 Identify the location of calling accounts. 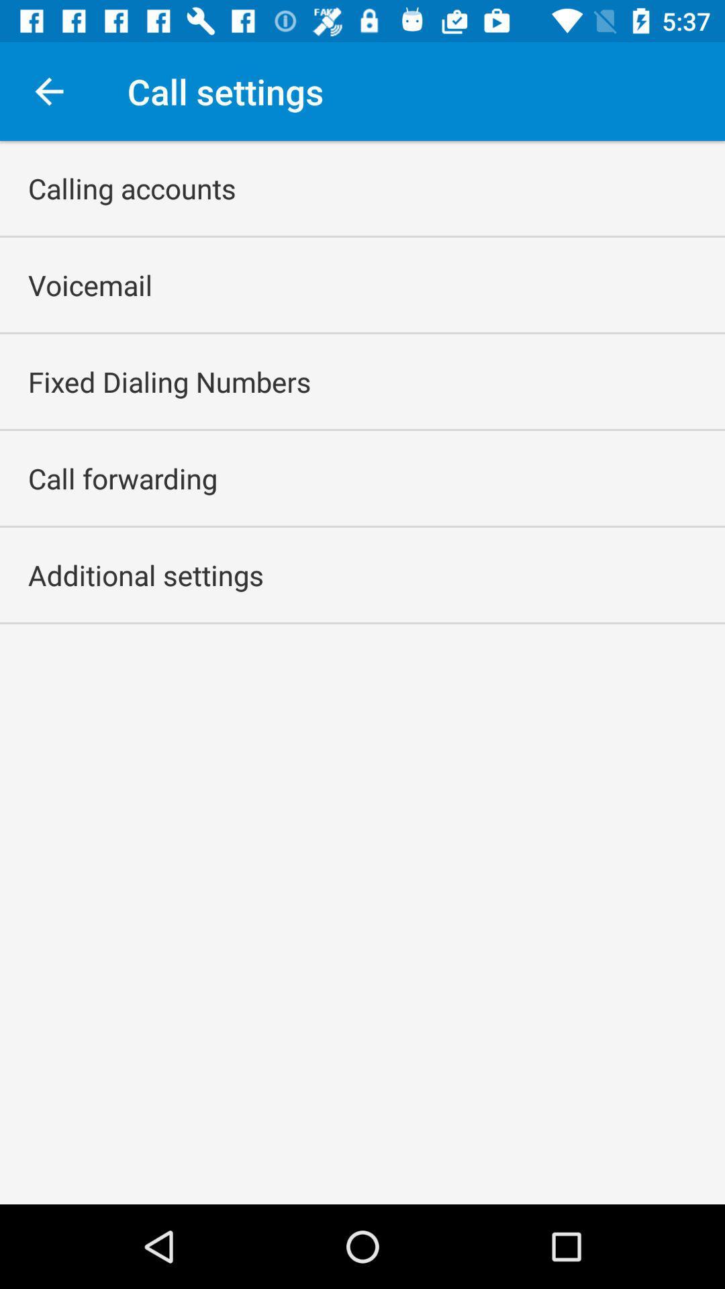
(132, 187).